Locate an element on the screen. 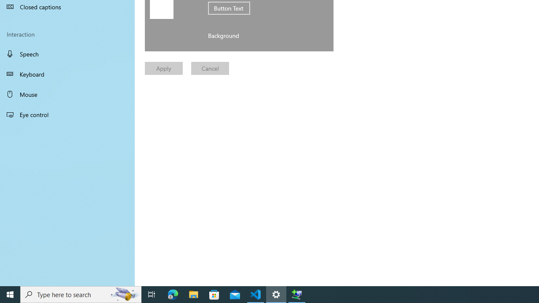 This screenshot has width=539, height=303. 'Start' is located at coordinates (10, 294).